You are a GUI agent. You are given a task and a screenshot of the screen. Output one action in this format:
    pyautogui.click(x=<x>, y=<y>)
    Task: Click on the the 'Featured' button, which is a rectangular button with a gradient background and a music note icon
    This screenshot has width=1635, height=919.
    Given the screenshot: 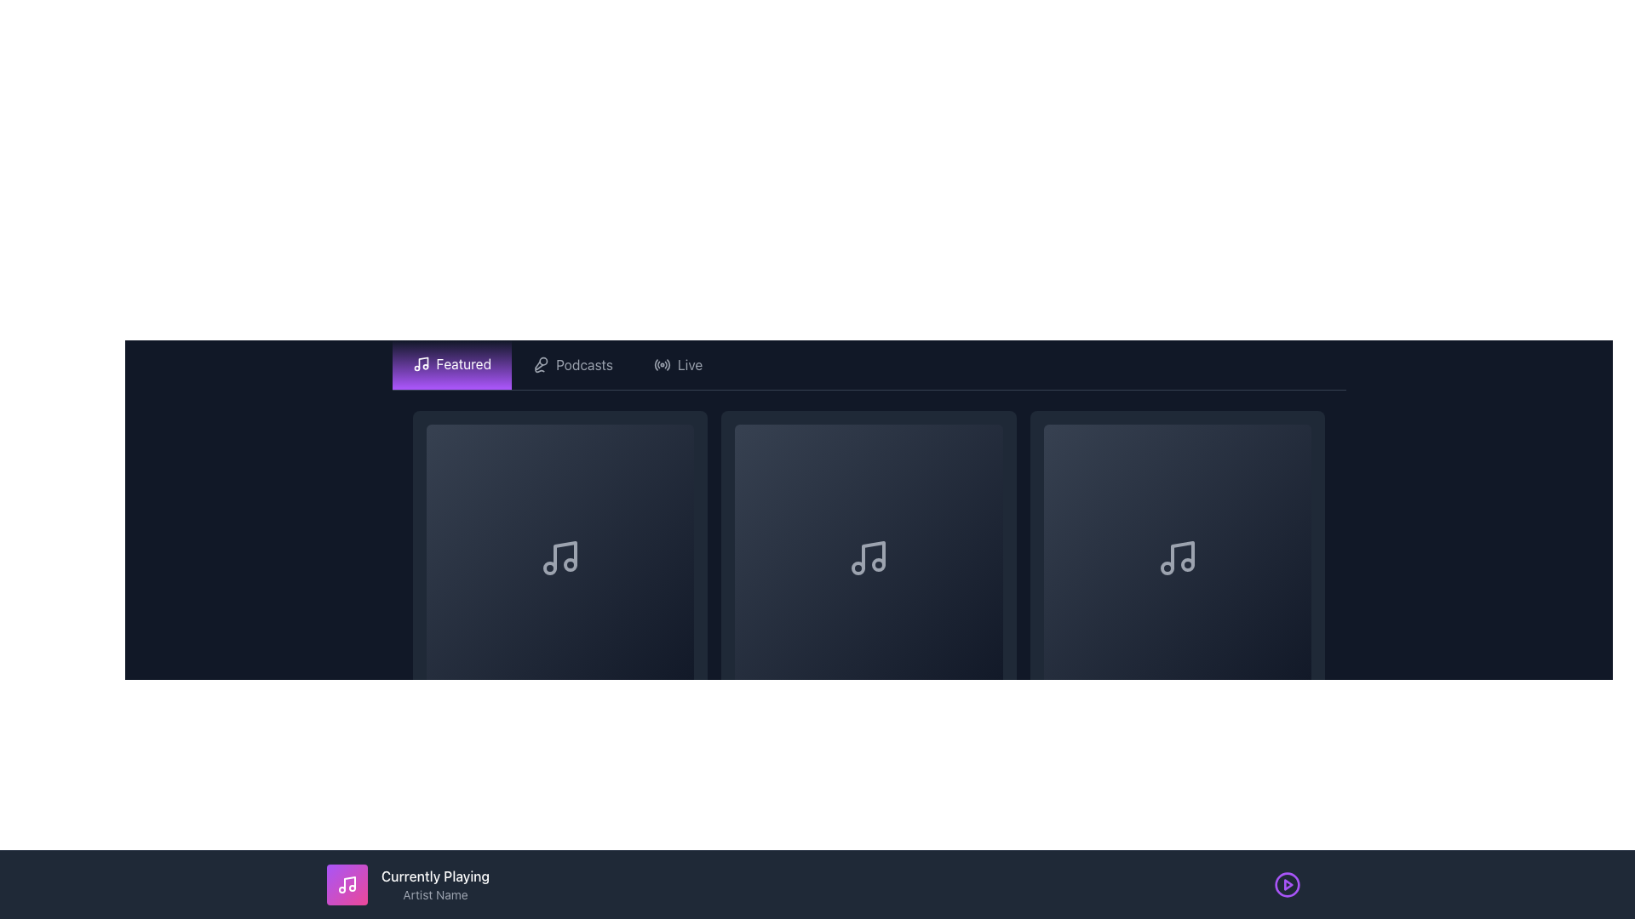 What is the action you would take?
    pyautogui.click(x=451, y=363)
    